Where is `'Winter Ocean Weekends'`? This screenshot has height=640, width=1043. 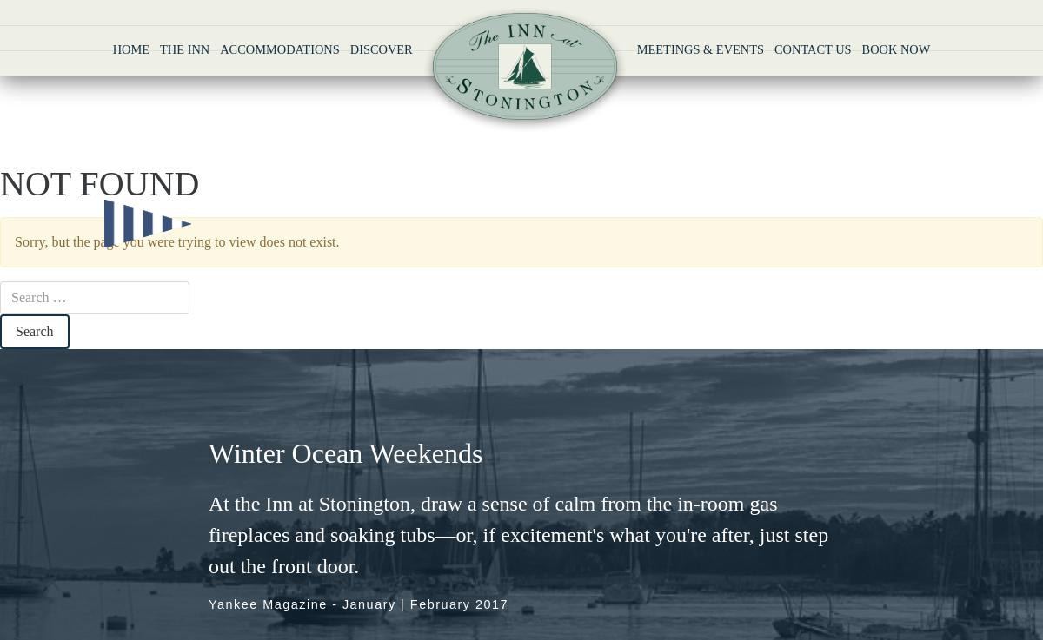
'Winter Ocean Weekends' is located at coordinates (208, 452).